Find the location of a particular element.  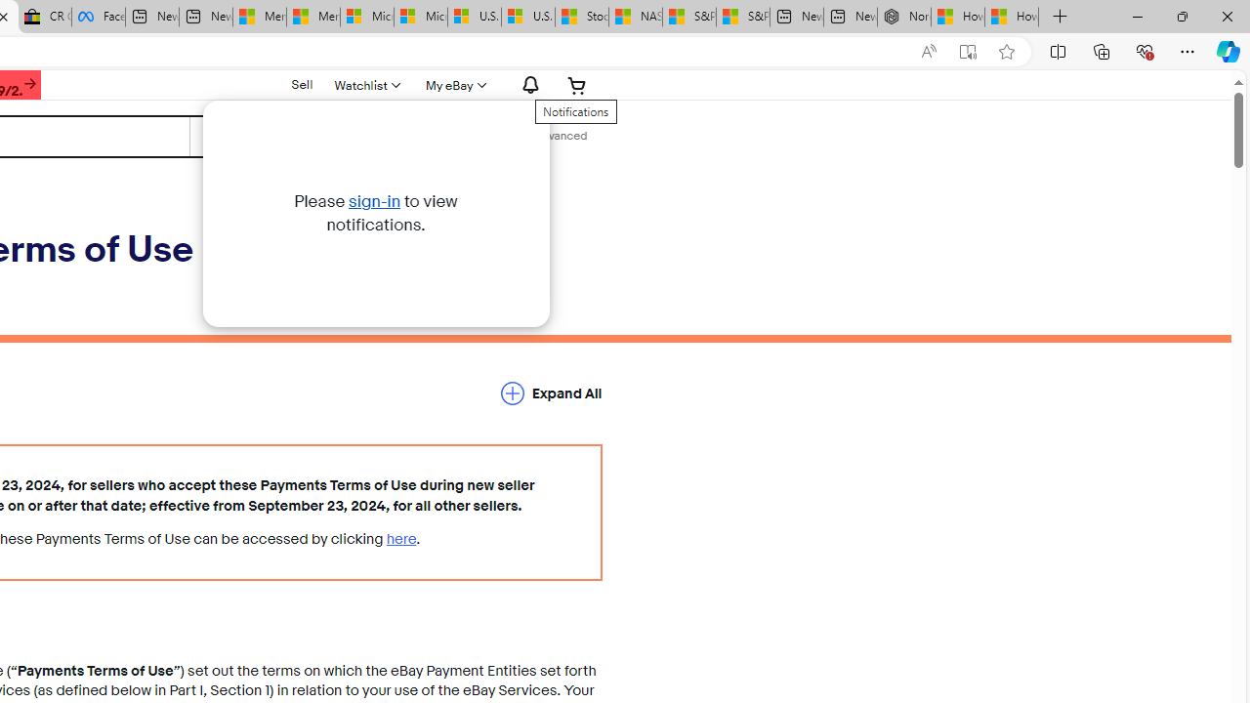

'S&P 500, Nasdaq end lower, weighed by Nvidia dip | Watch' is located at coordinates (741, 17).